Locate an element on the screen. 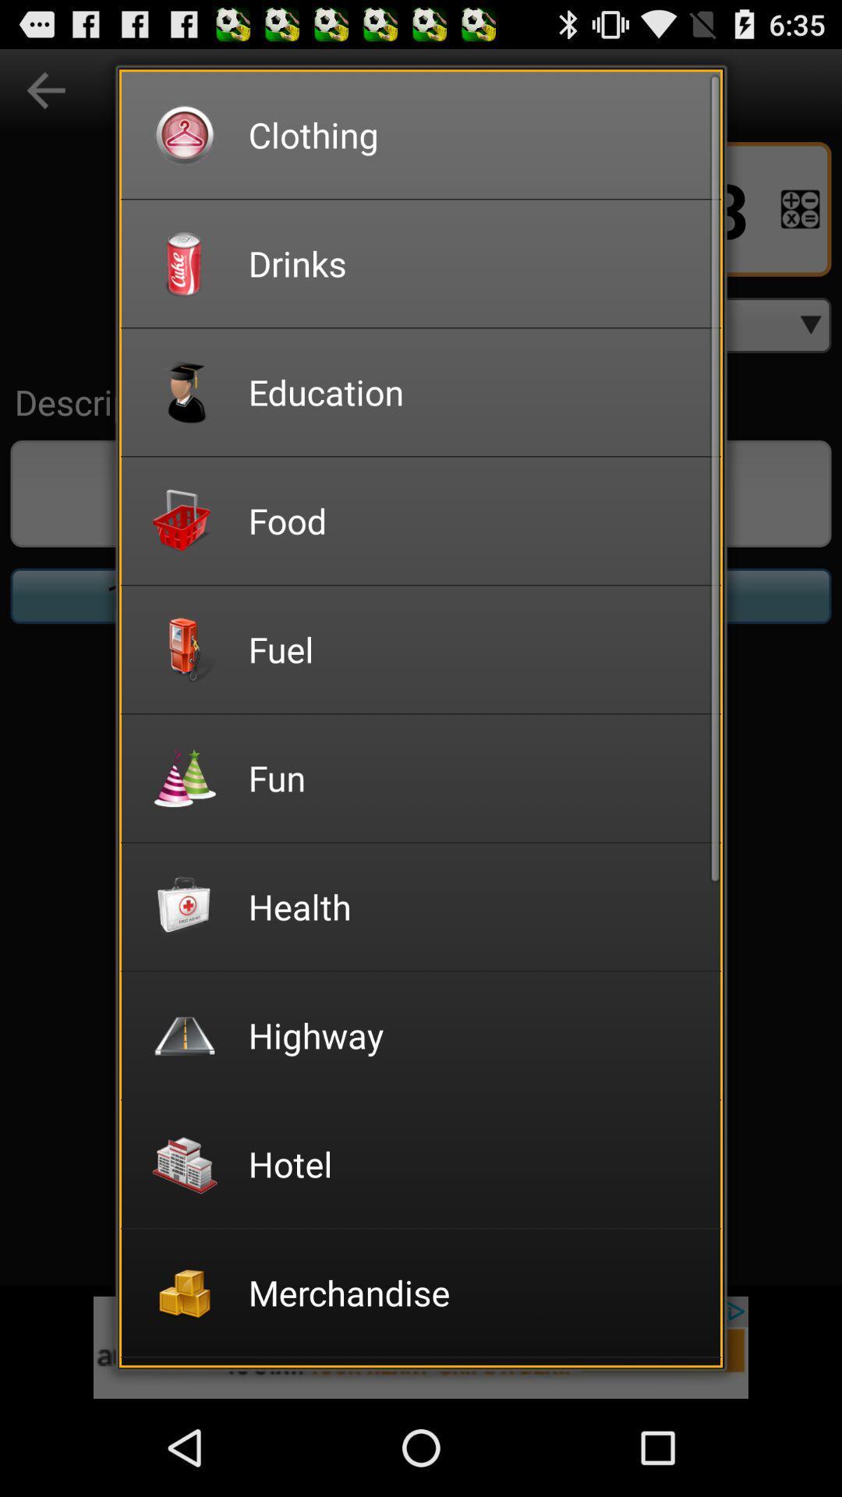  the fun item is located at coordinates (473, 777).